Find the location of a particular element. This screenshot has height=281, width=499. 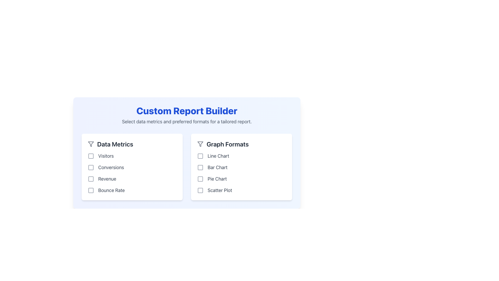

the 'Scatter Plot' option by clicking the checkbox located at the bottom of the 'Graph Formats' section, which is the fourth item in the list is located at coordinates (241, 190).